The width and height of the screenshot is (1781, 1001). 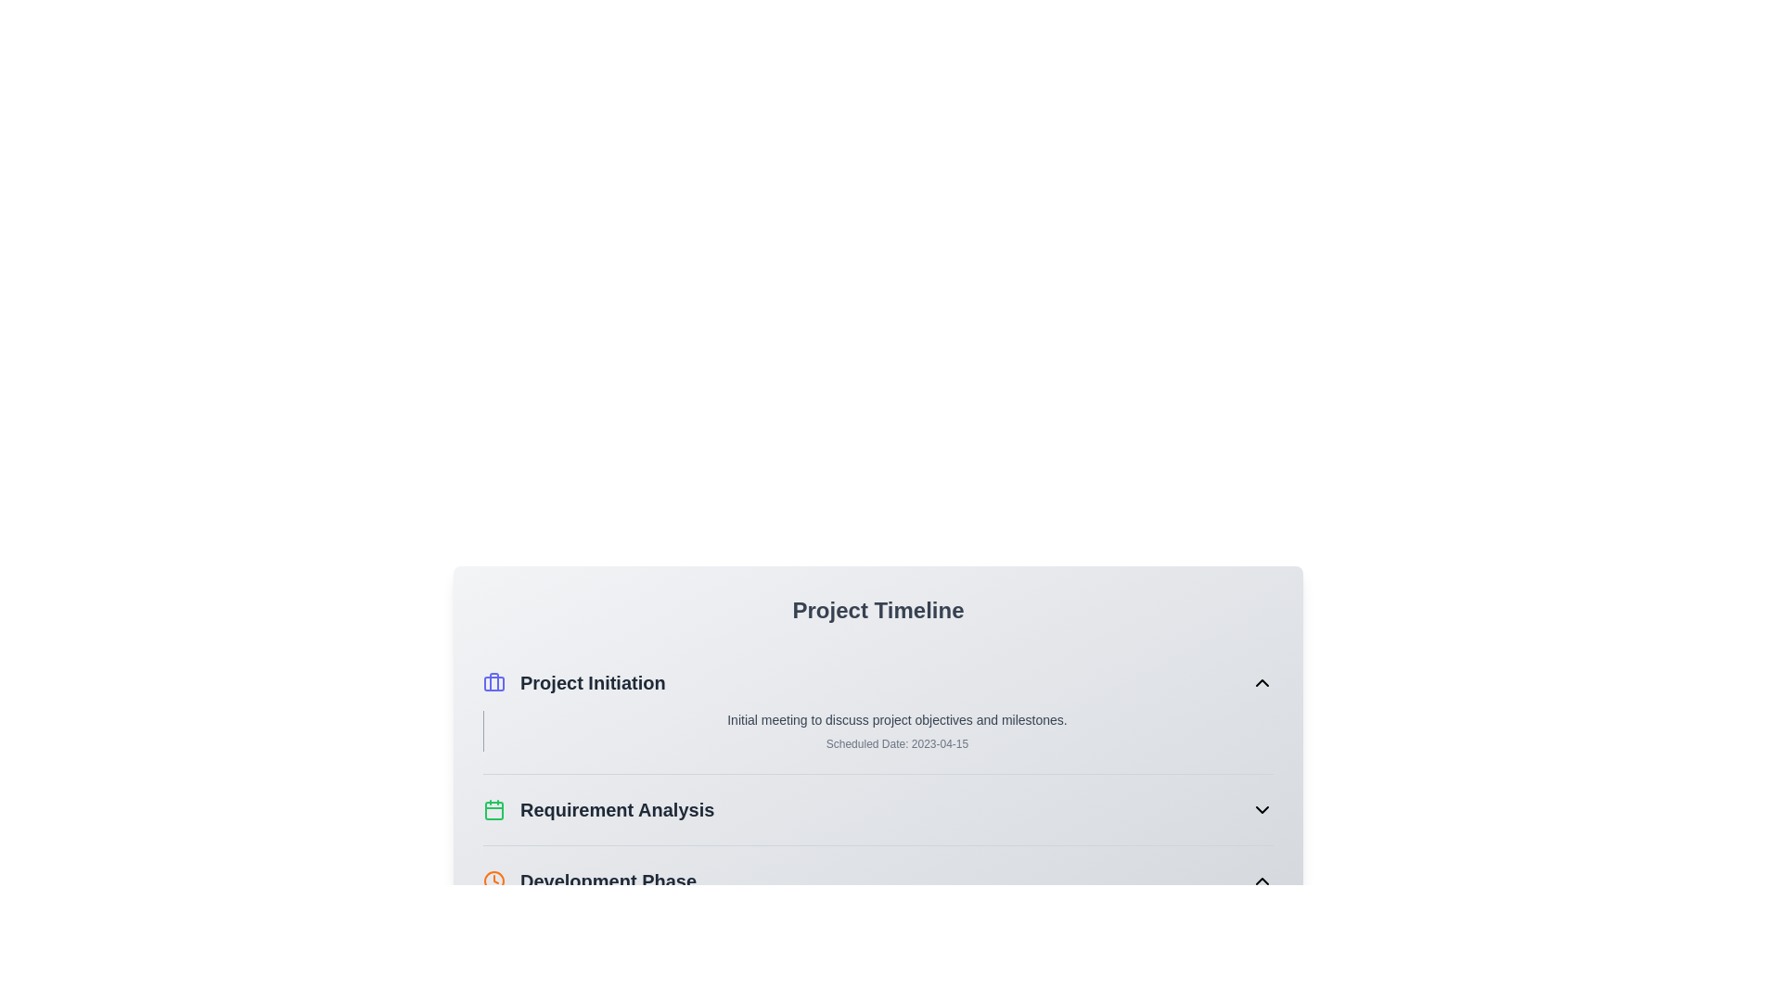 I want to click on the orange clock icon located to the left of the 'Development Phase' text in the 'Project Timeline' list, so click(x=493, y=881).